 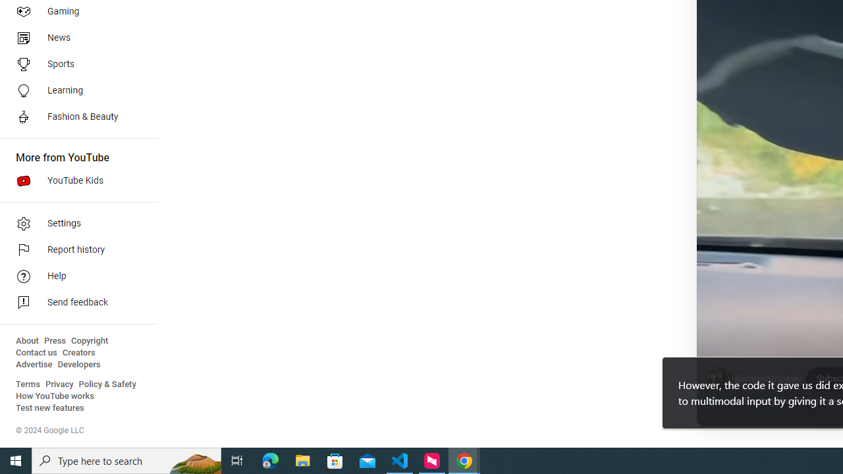 What do you see at coordinates (59, 384) in the screenshot?
I see `'Privacy'` at bounding box center [59, 384].